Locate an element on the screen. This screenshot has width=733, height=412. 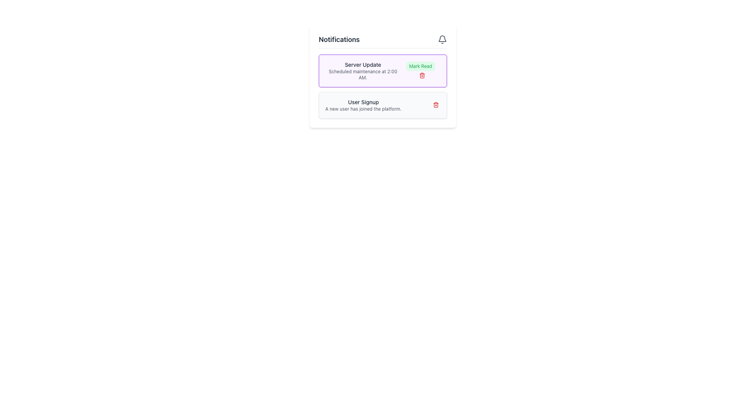
the text element providing additional details about the notification message regarding the scheduled maintenance time, located directly below the 'Server Update' title is located at coordinates (362, 75).